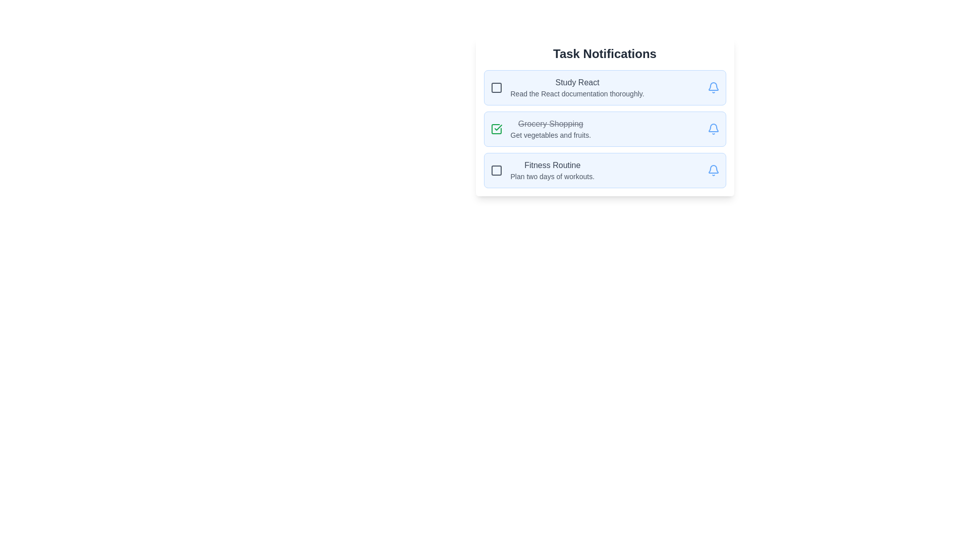 This screenshot has height=545, width=969. Describe the element at coordinates (577, 87) in the screenshot. I see `the Task notification item labeled 'Study React' to interpret the task details` at that location.